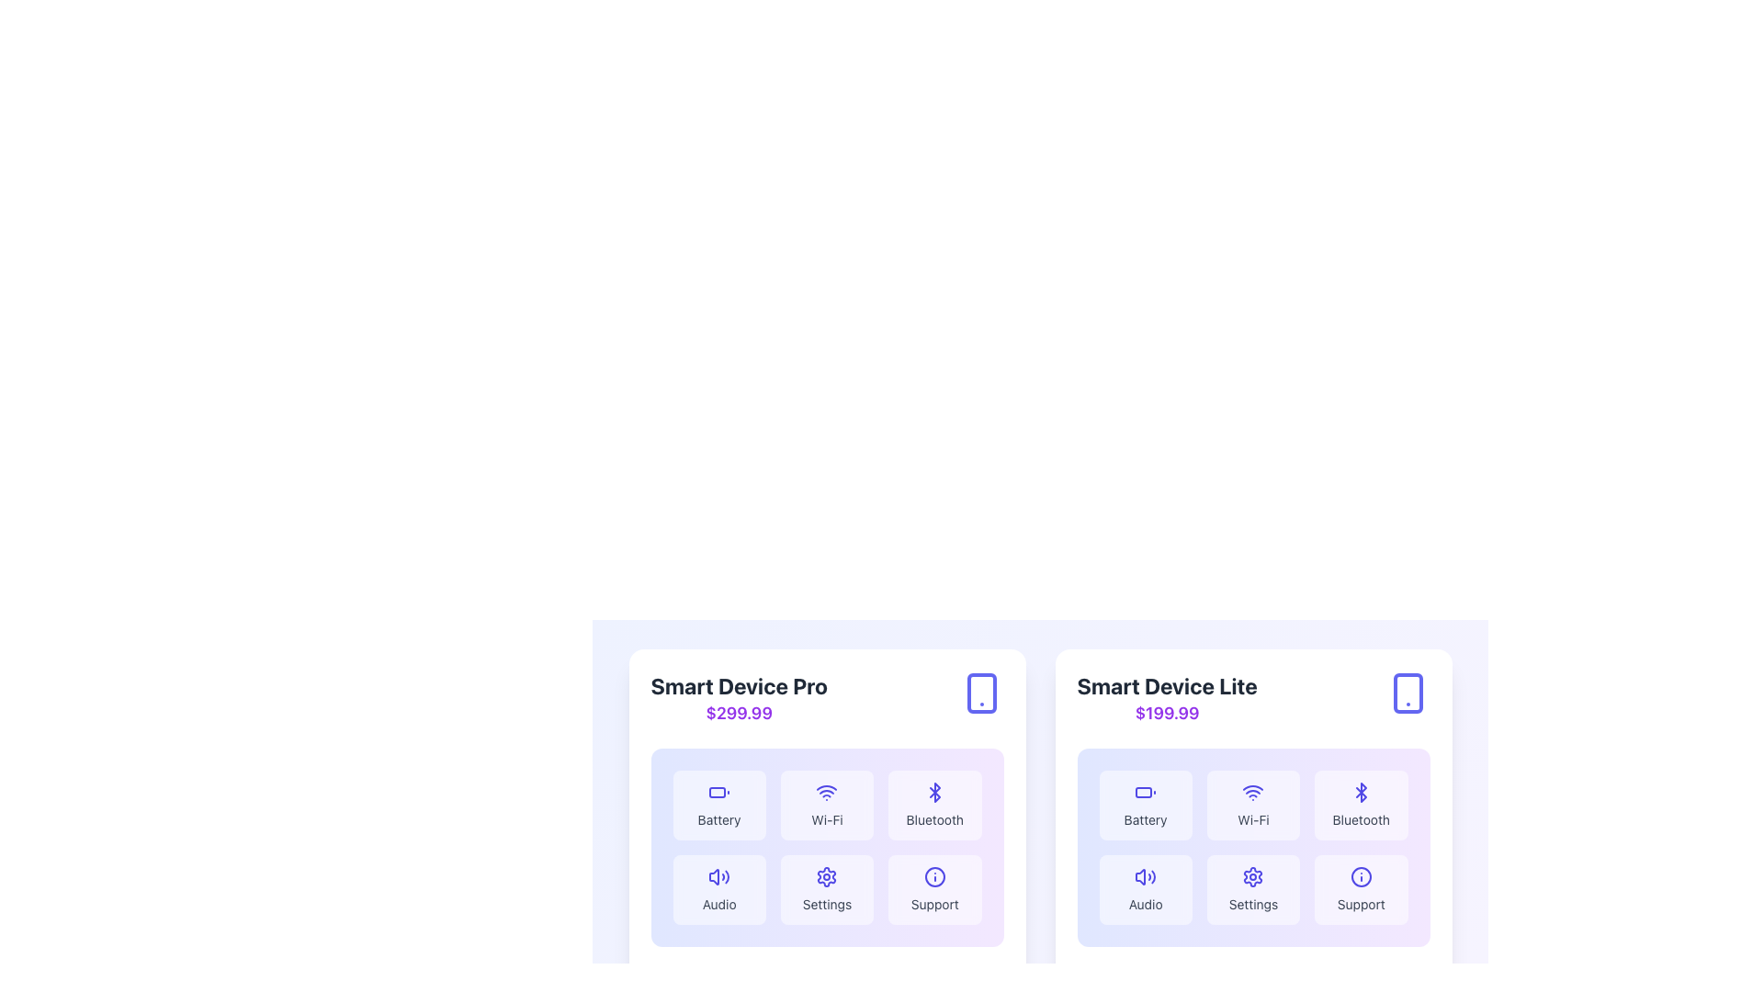 This screenshot has width=1764, height=992. Describe the element at coordinates (718, 792) in the screenshot. I see `the battery SVG icon located in the first row and first column of the grid within the 'Smart Device Pro' card, which visually represents battery status` at that location.